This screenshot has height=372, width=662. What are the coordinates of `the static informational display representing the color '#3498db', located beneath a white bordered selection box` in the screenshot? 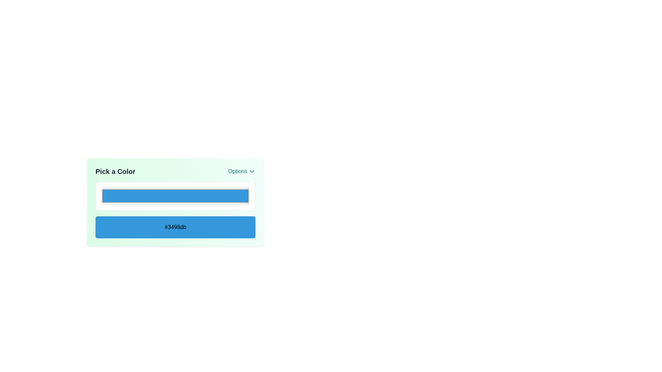 It's located at (175, 227).